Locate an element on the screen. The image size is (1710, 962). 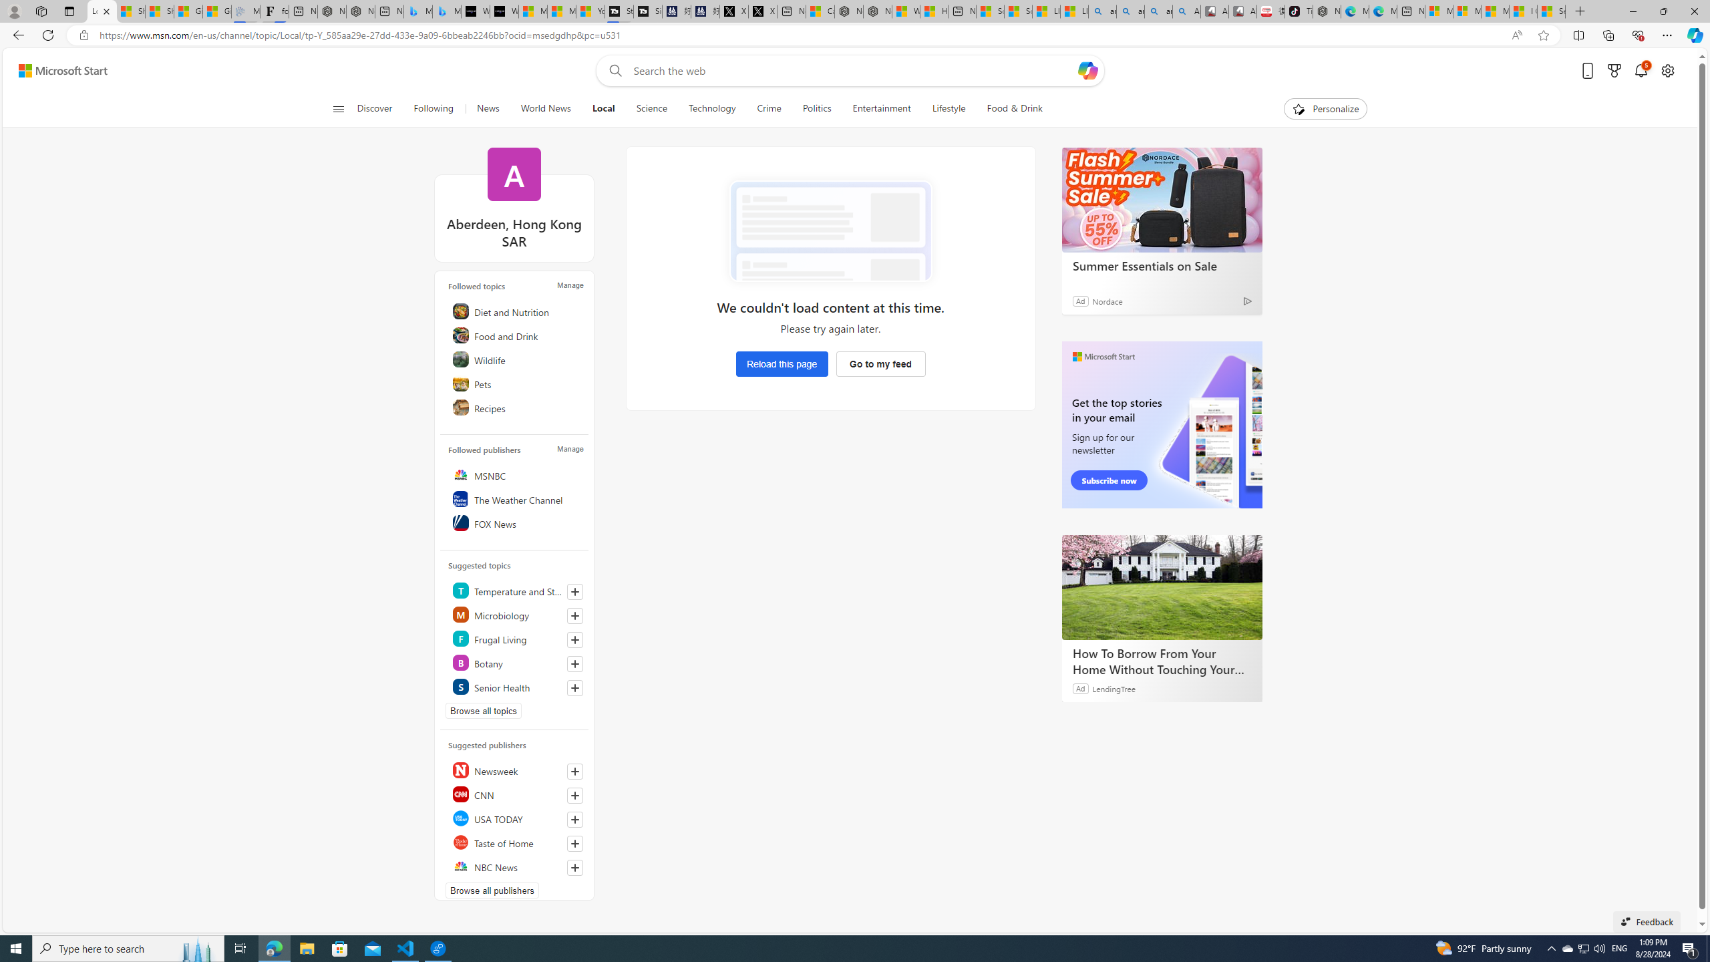
'amazon - Search Images' is located at coordinates (1158, 11).